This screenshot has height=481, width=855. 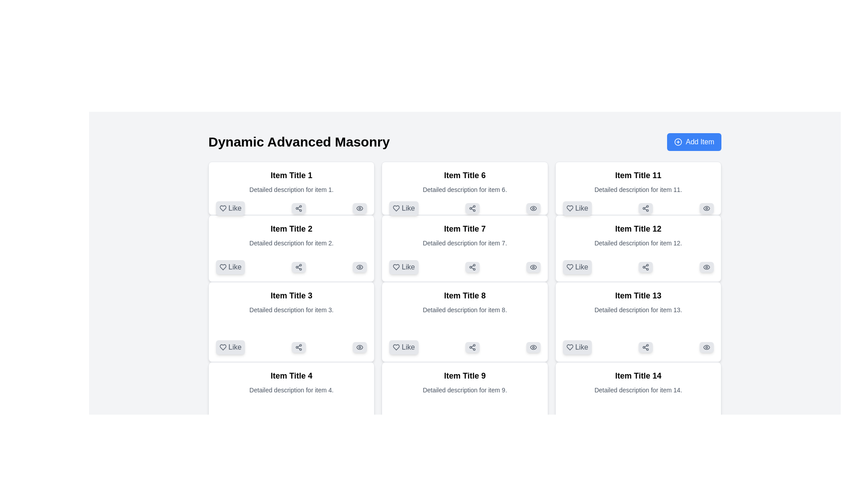 I want to click on the 'Share' button on the interactive card located in the third column and fifth row of the grid layout, positioned below 'Item Title 12' and above 'Item Title 14', so click(x=638, y=322).